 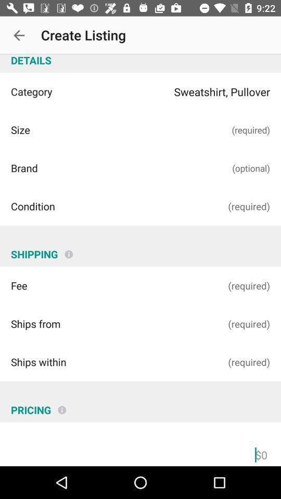 I want to click on item next to shipping item, so click(x=69, y=249).